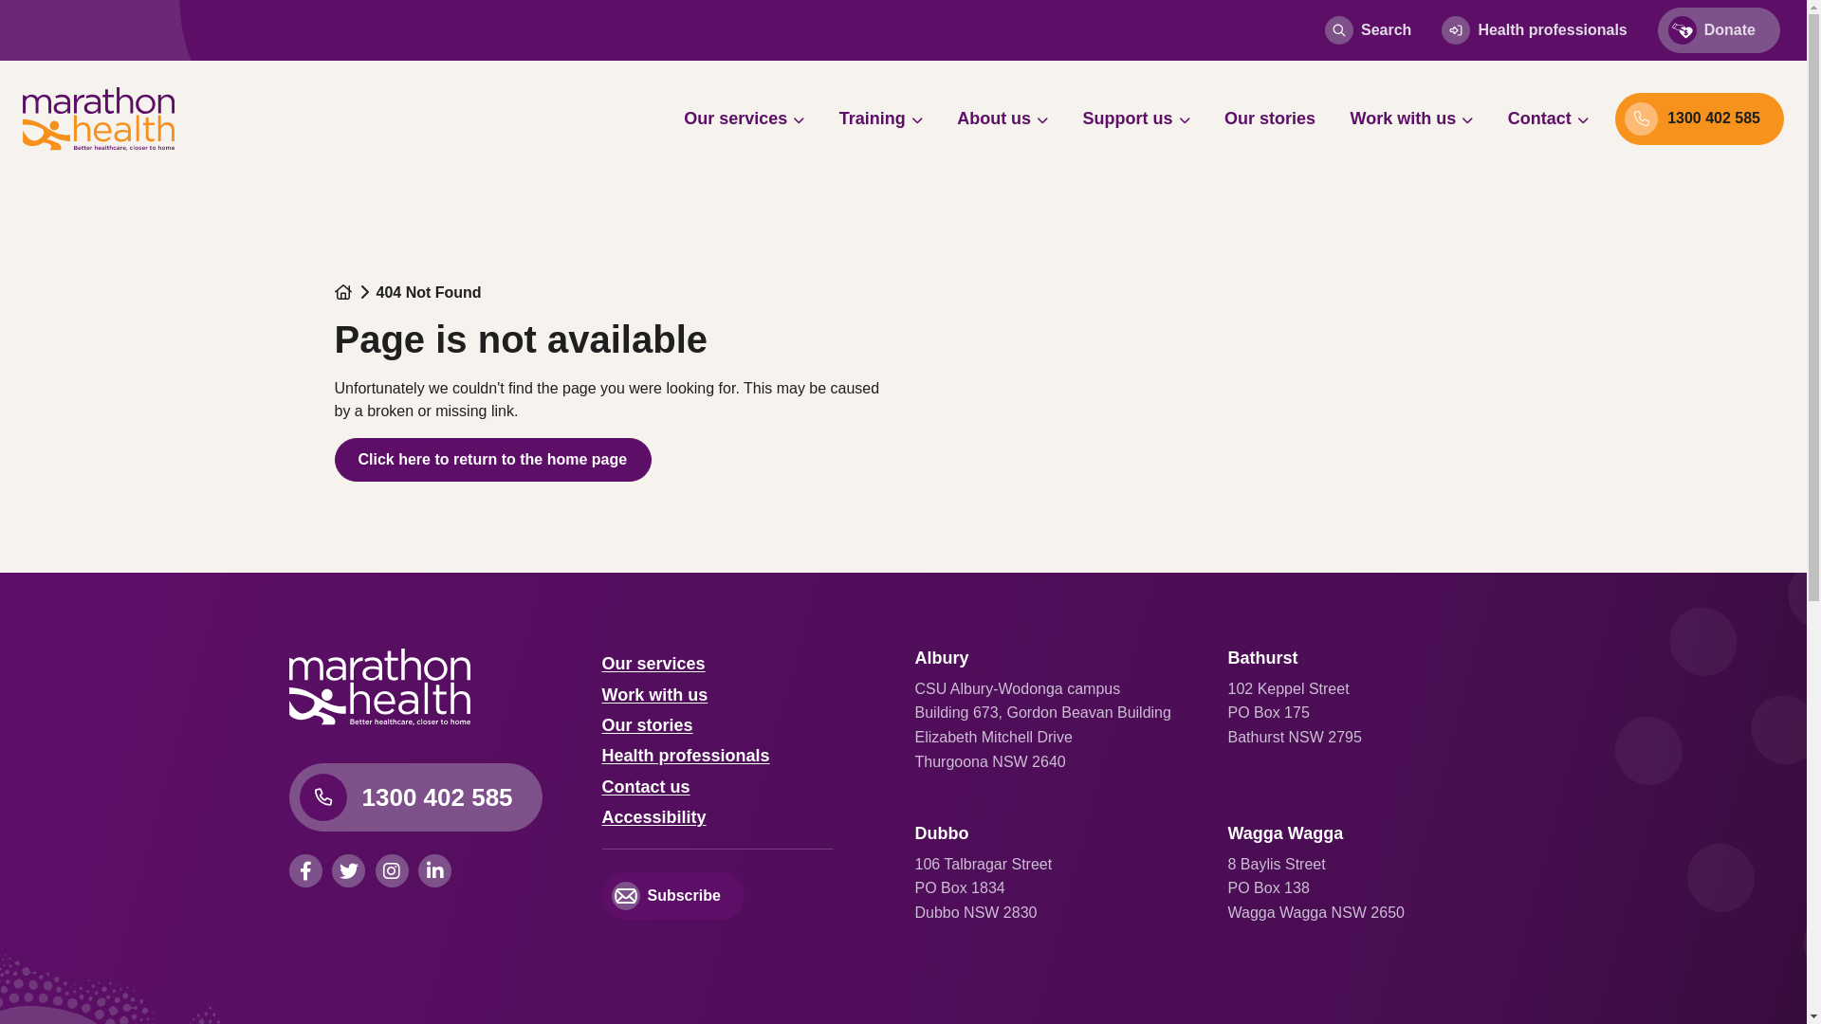 The height and width of the screenshot is (1024, 1821). I want to click on 'About us', so click(1001, 118).